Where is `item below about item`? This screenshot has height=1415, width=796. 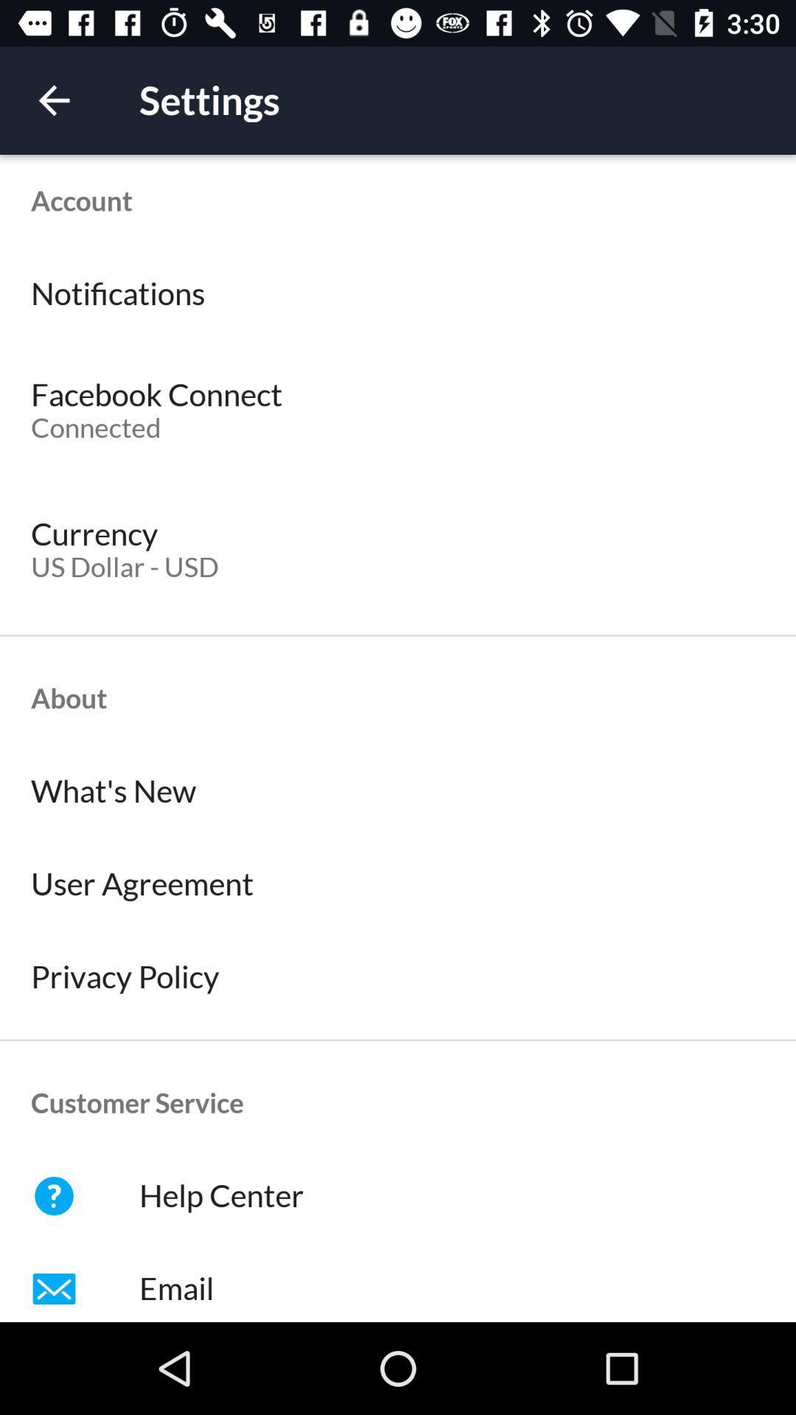
item below about item is located at coordinates (398, 791).